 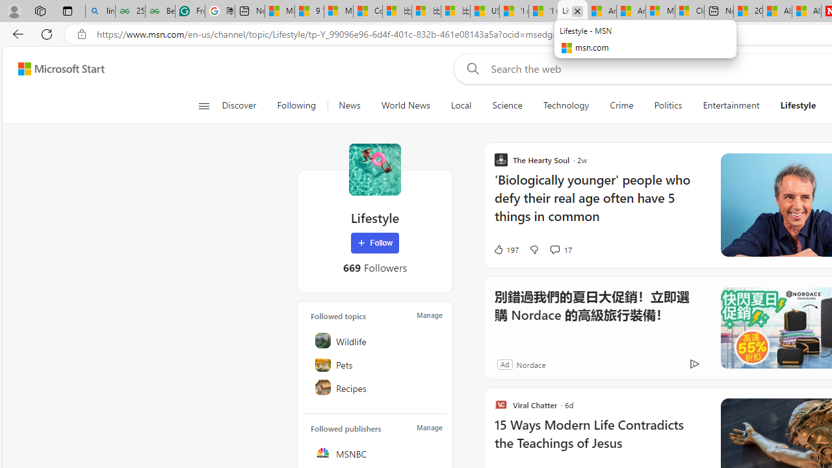 I want to click on 'Skip to content', so click(x=56, y=68).